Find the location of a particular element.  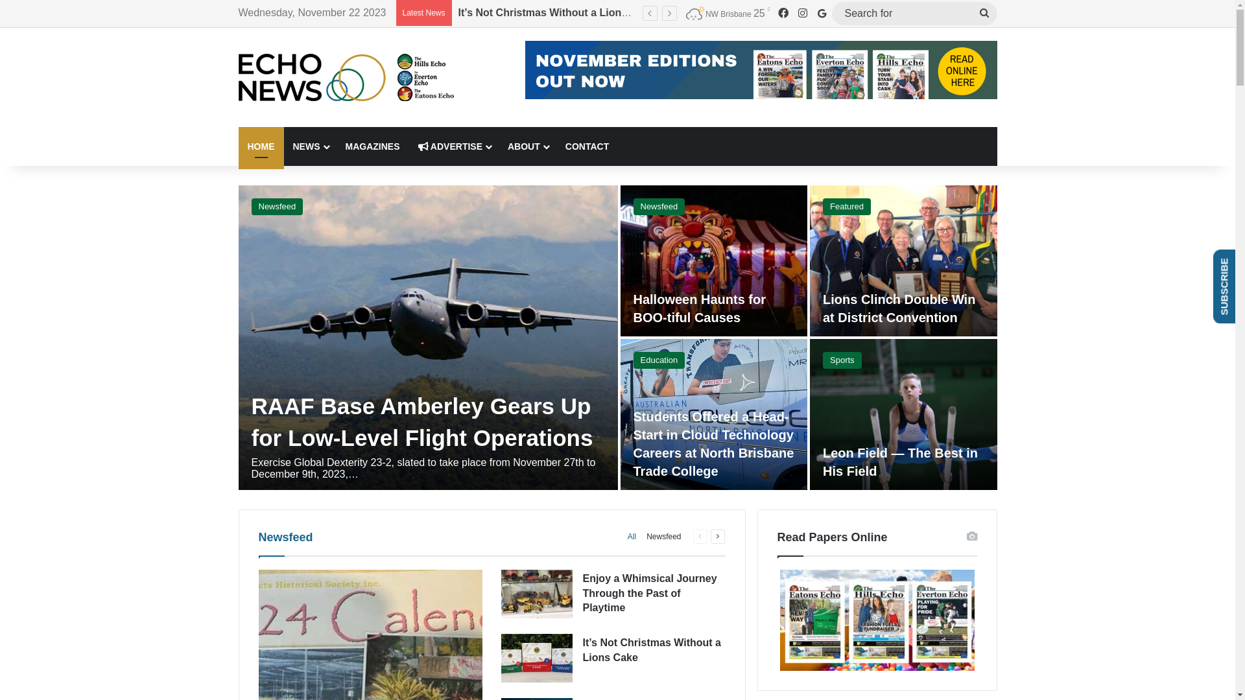

'Google' is located at coordinates (821, 12).